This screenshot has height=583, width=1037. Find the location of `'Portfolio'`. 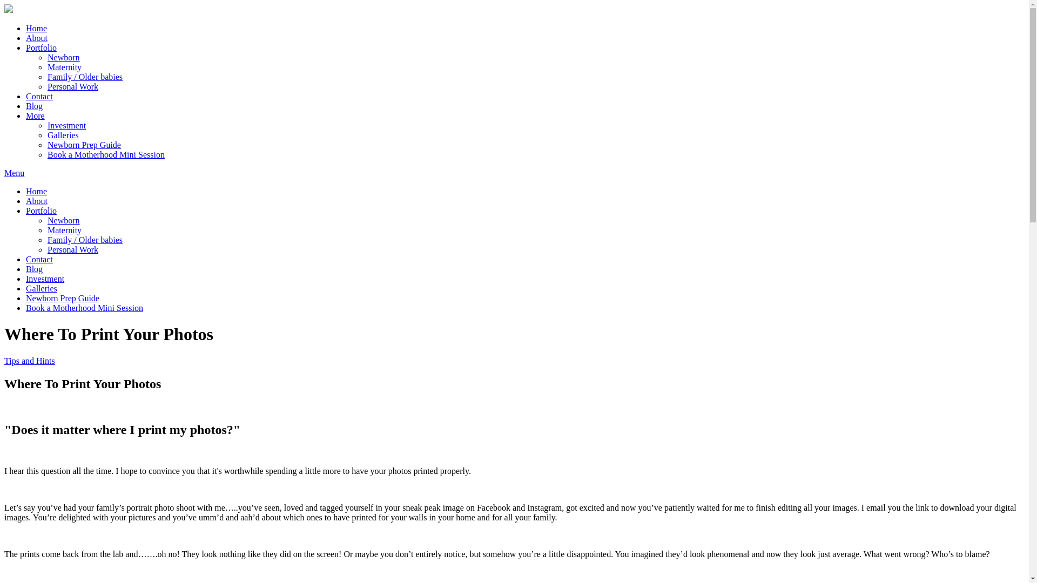

'Portfolio' is located at coordinates (41, 211).